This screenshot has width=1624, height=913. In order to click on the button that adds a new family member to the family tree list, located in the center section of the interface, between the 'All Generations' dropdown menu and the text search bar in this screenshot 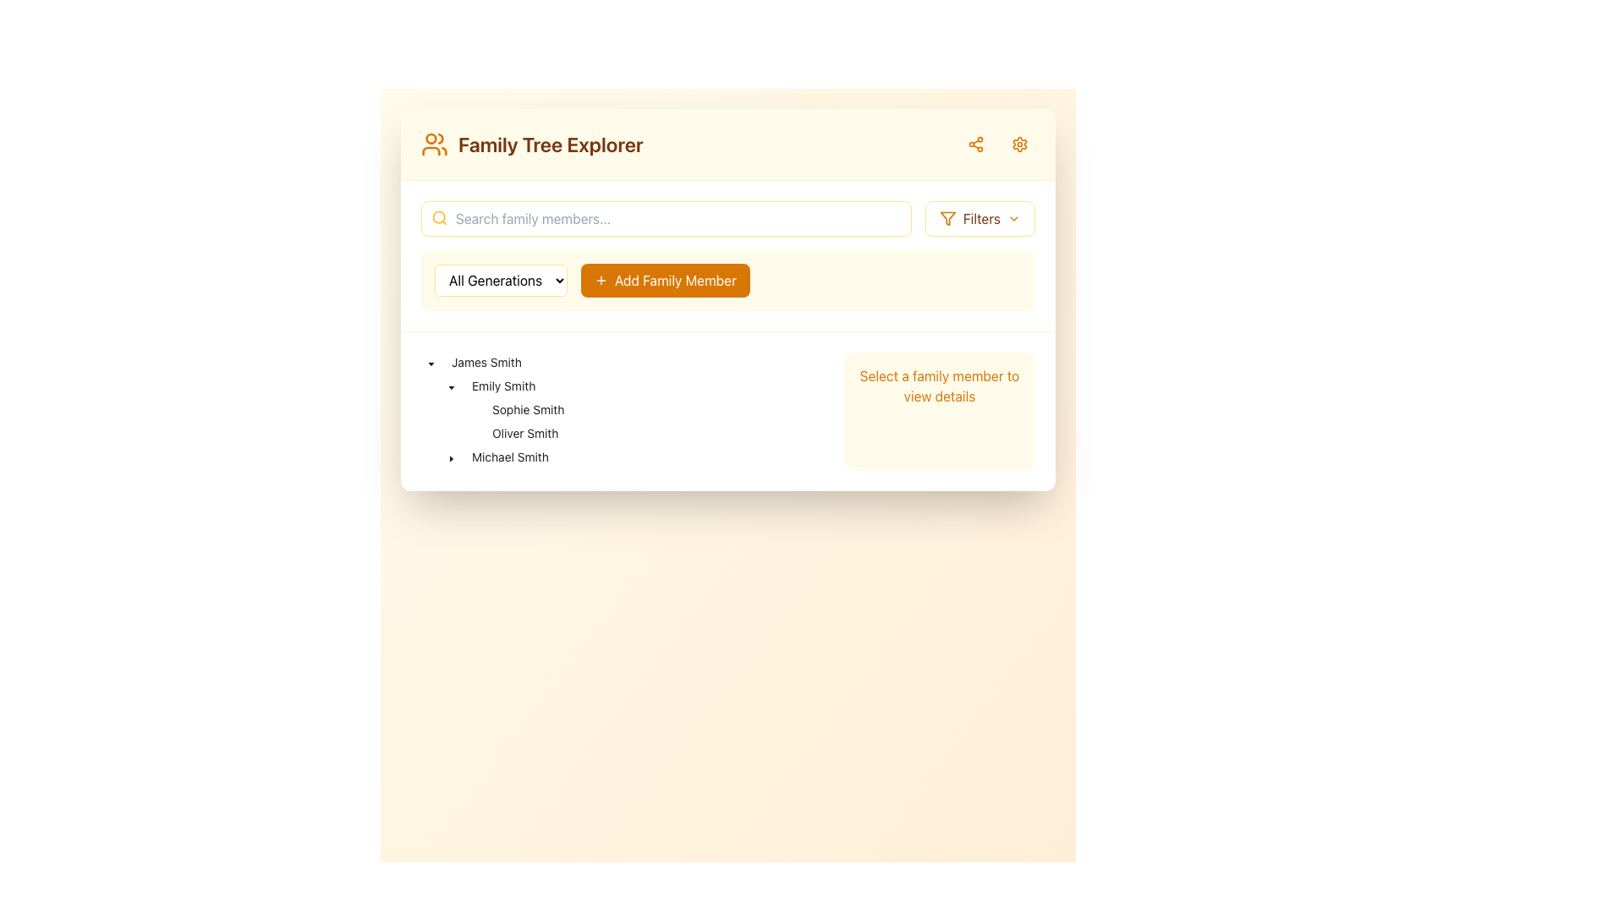, I will do `click(727, 298)`.